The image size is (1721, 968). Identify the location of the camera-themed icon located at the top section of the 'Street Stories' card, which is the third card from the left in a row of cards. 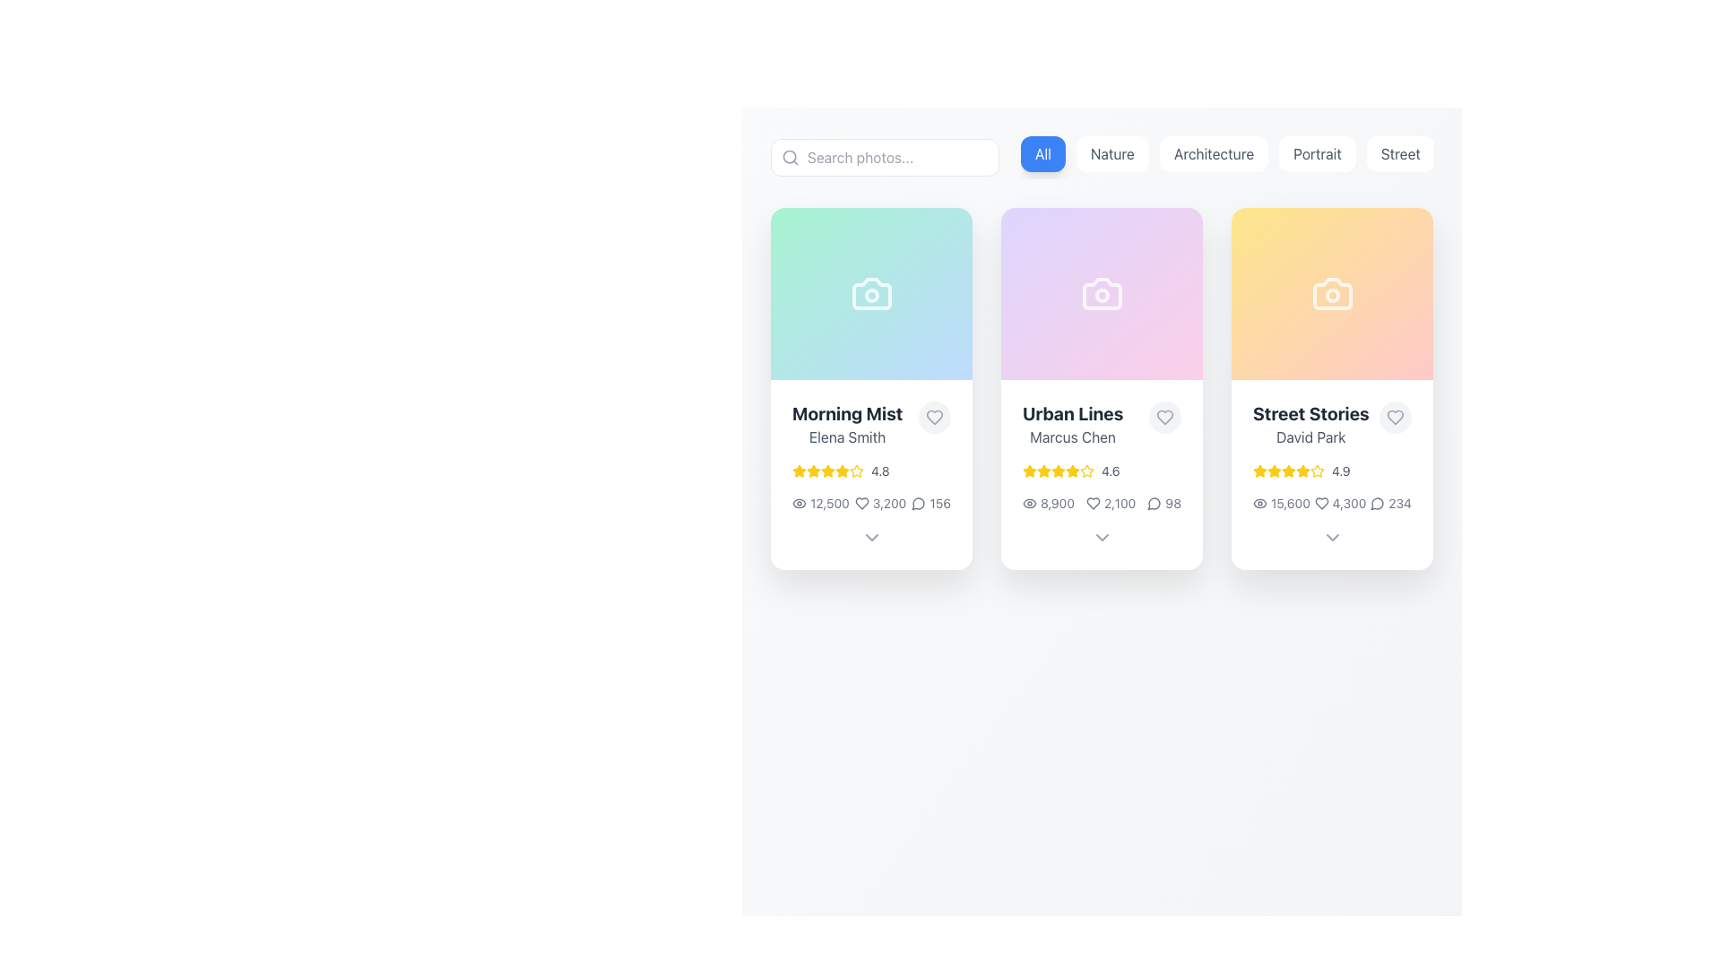
(1332, 292).